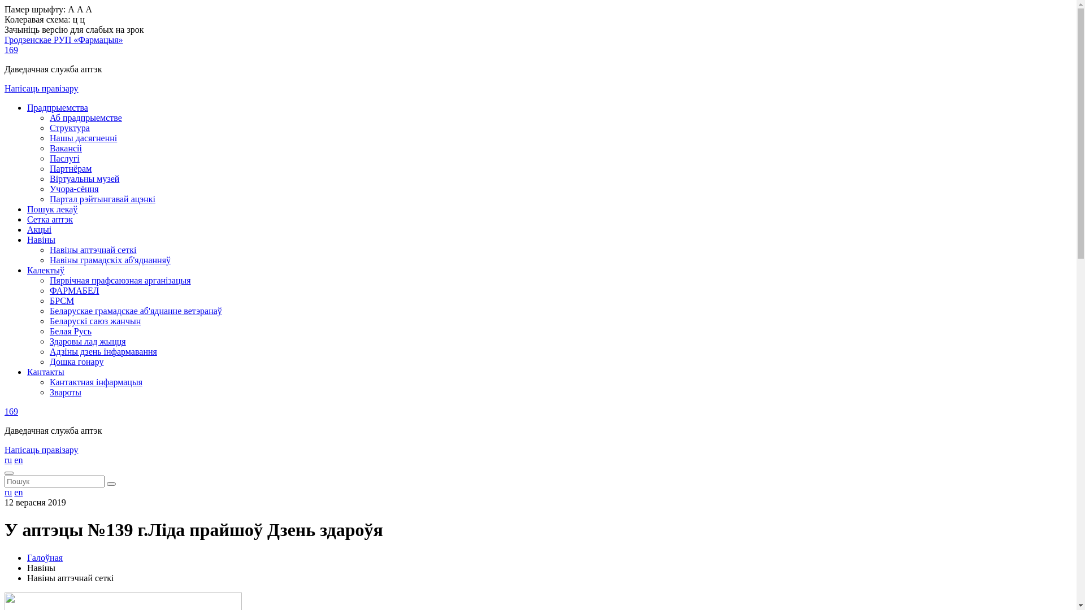 The width and height of the screenshot is (1085, 610). I want to click on '169', so click(11, 411).